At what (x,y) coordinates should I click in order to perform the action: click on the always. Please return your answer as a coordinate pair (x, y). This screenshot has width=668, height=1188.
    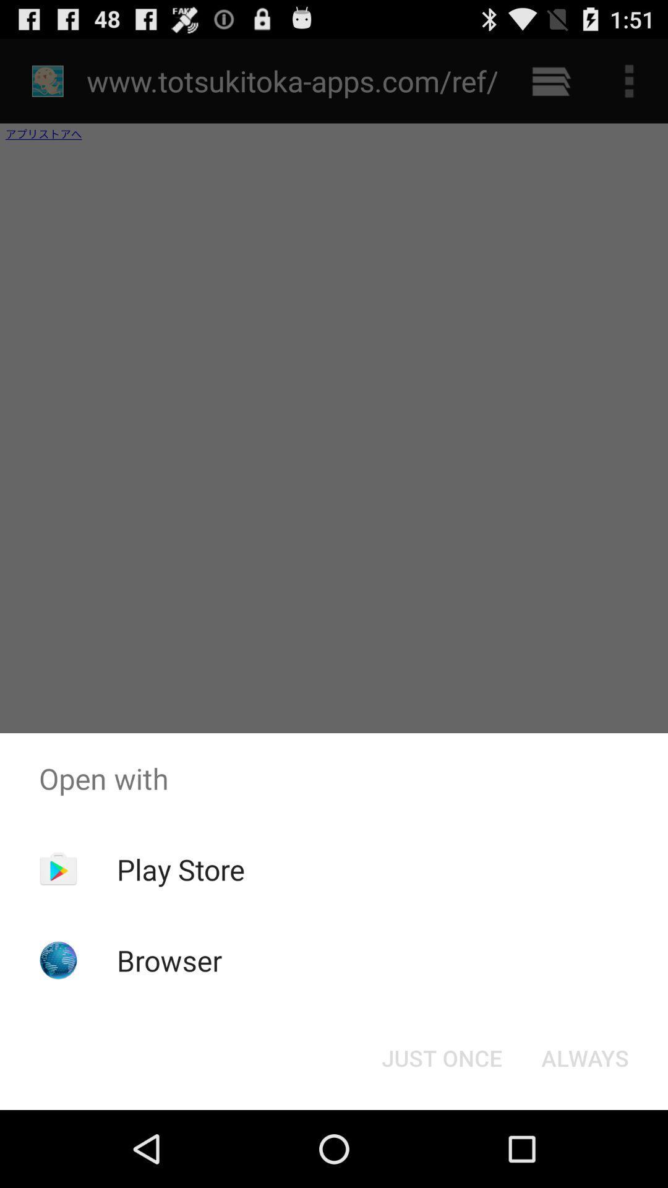
    Looking at the image, I should click on (584, 1057).